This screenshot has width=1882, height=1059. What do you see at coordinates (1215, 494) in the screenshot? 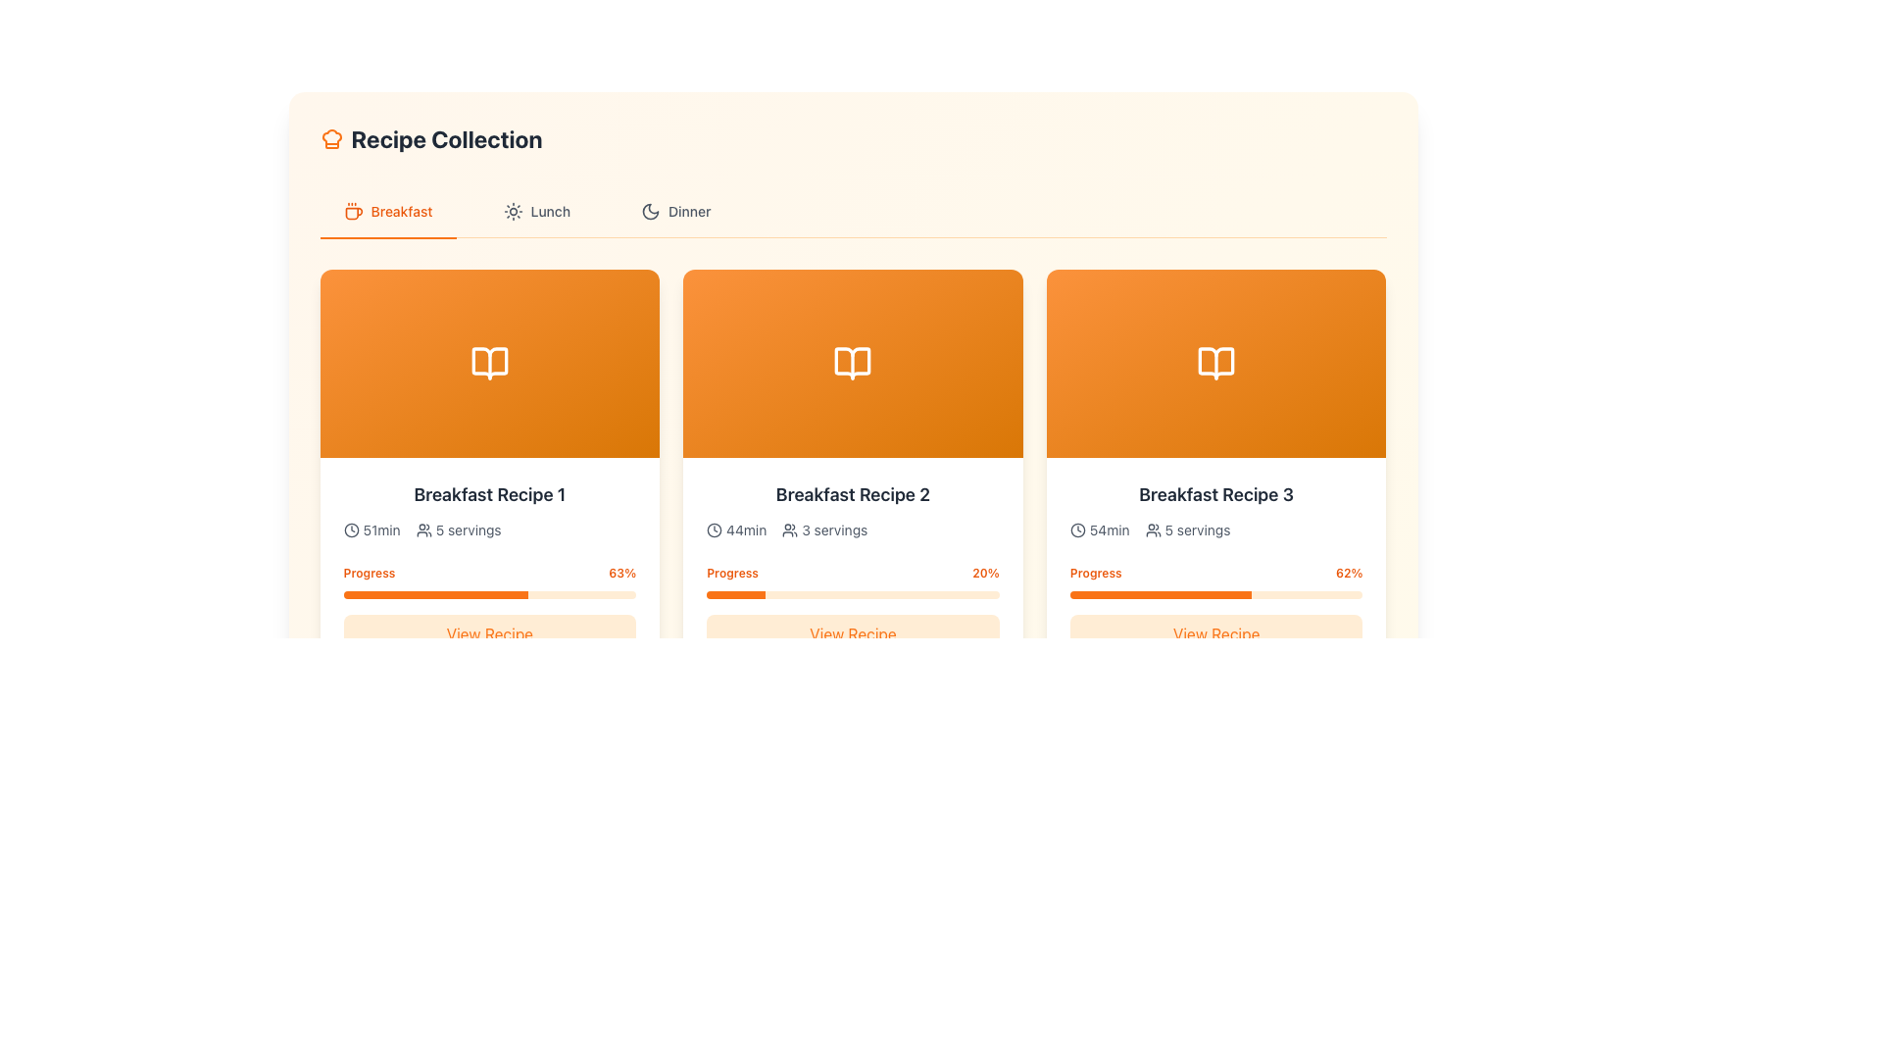
I see `the text element displaying 'Breakfast Recipe 3', which is a prominent heading in a large, bold, gray font, positioned below the orange header of the recipe card` at bounding box center [1215, 494].